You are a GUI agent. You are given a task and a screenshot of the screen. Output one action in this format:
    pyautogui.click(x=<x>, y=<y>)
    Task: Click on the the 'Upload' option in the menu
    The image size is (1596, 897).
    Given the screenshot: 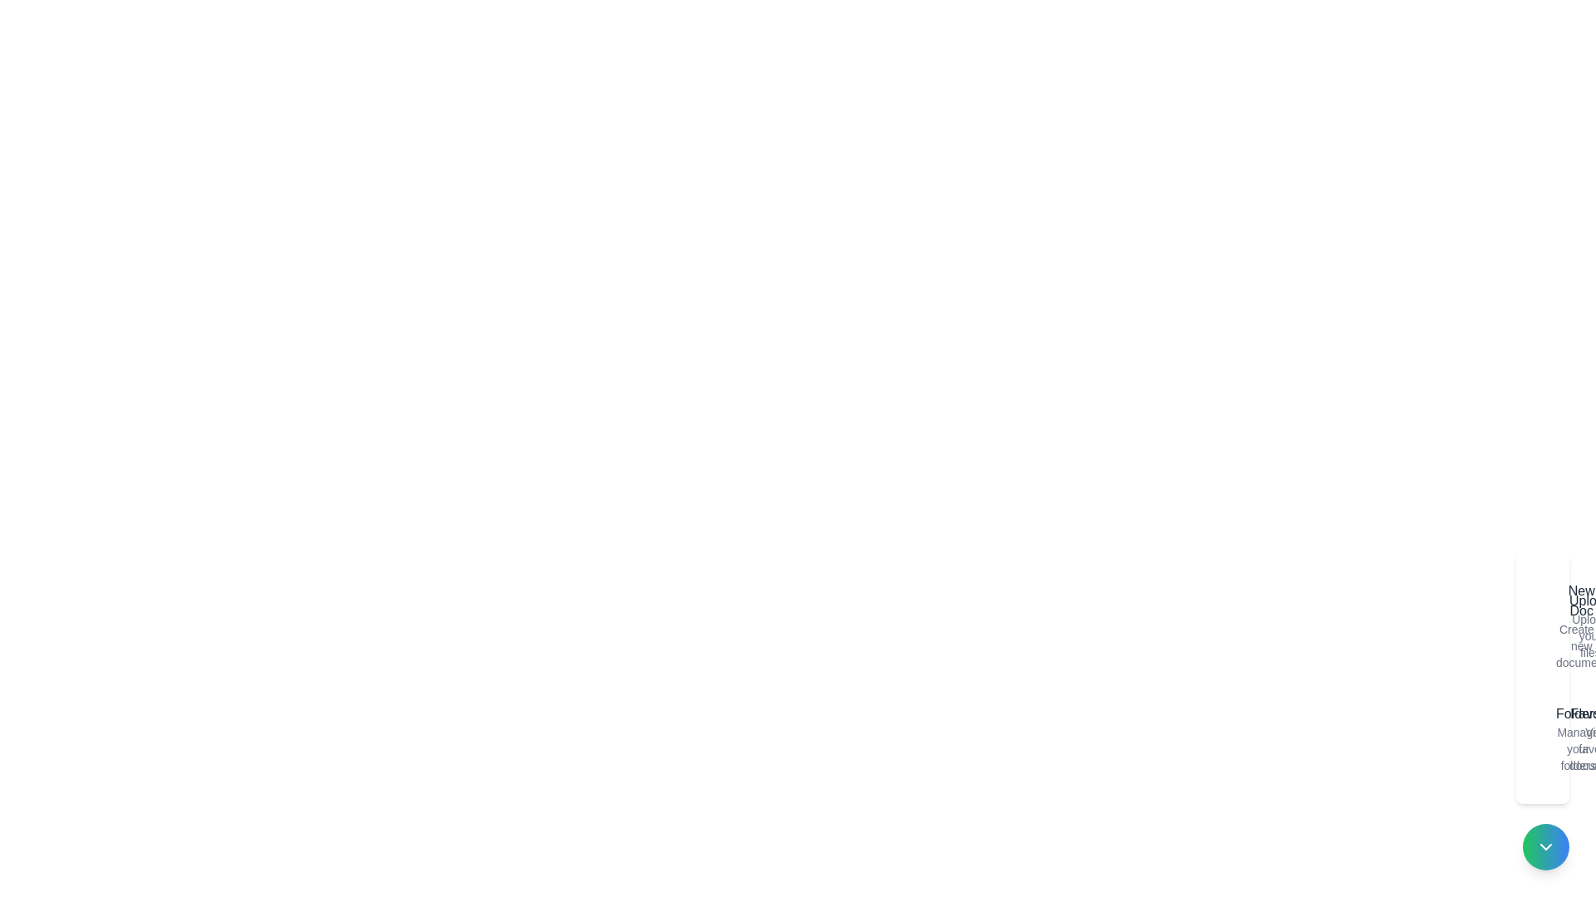 What is the action you would take?
    pyautogui.click(x=1559, y=625)
    